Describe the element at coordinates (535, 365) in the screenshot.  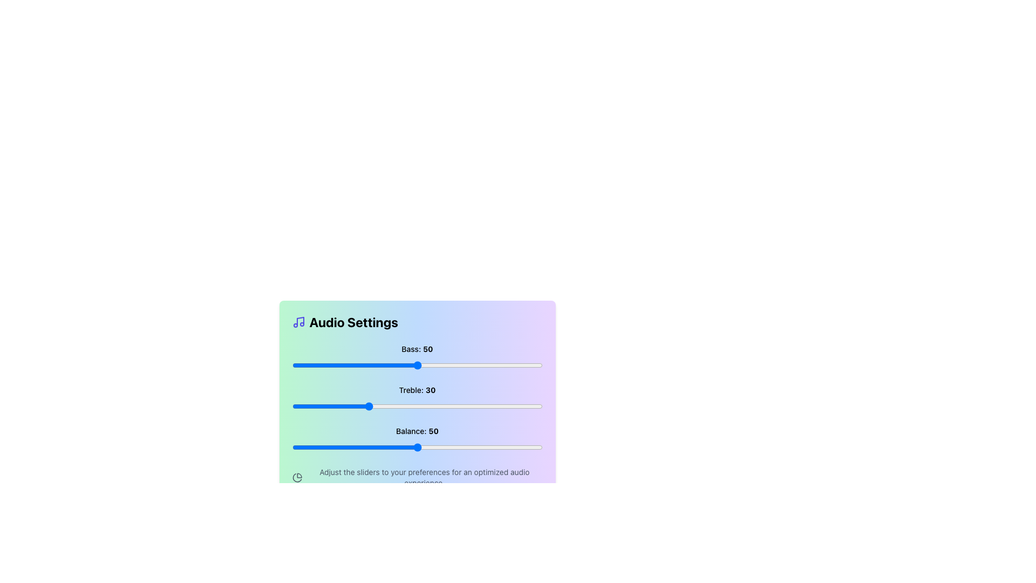
I see `the bass level` at that location.